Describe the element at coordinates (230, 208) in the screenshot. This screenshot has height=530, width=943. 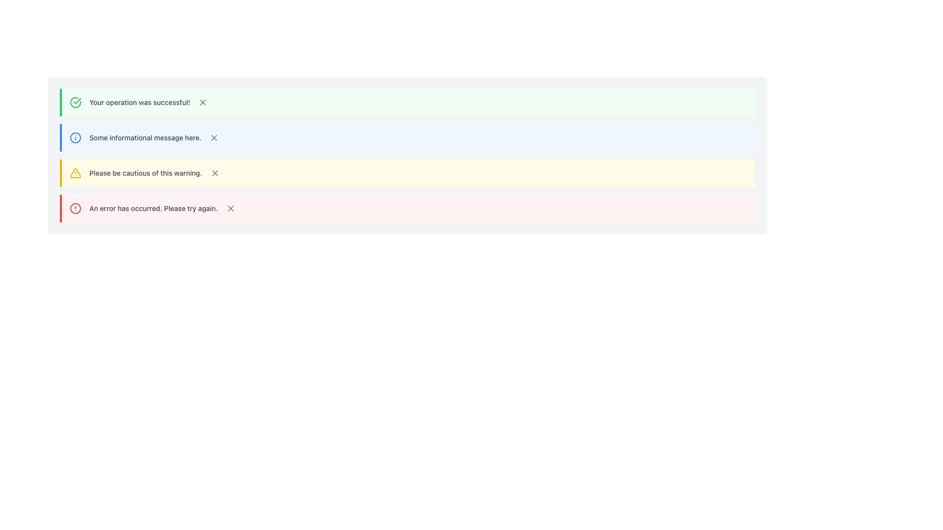
I see `the dismiss icon located at the far right of the notification alert` at that location.